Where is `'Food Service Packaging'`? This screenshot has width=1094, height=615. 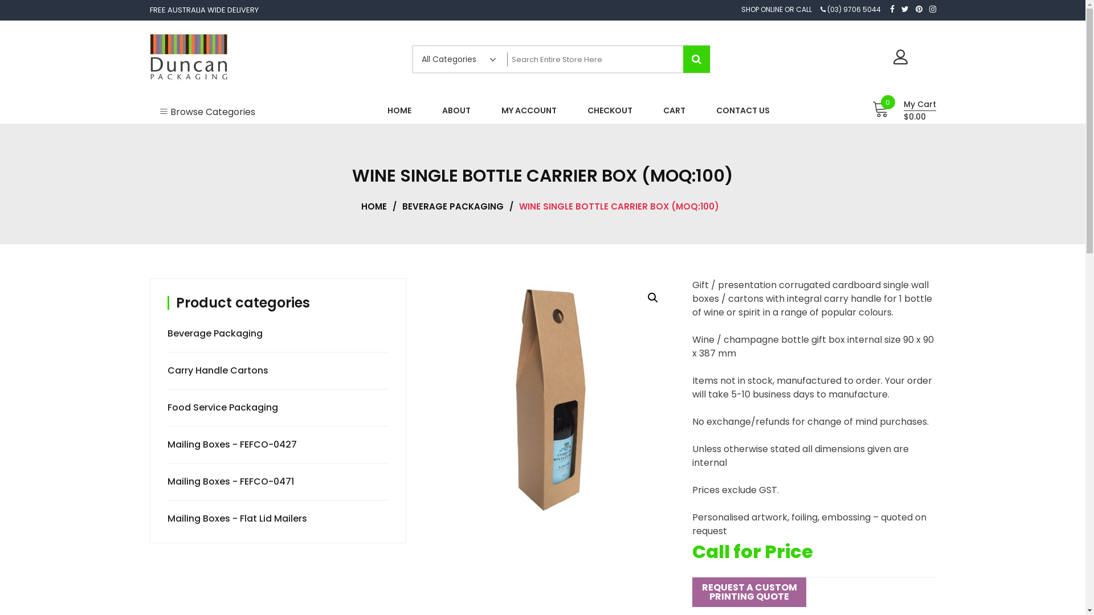 'Food Service Packaging' is located at coordinates (224, 407).